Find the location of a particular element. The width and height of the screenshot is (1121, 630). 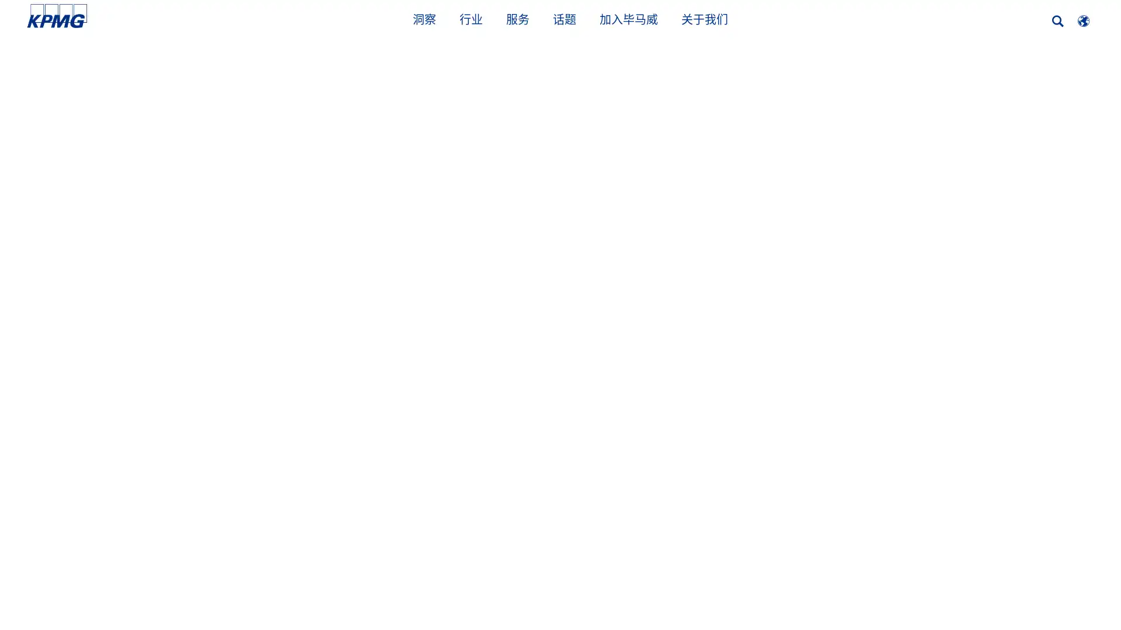

Search is located at coordinates (1058, 21).